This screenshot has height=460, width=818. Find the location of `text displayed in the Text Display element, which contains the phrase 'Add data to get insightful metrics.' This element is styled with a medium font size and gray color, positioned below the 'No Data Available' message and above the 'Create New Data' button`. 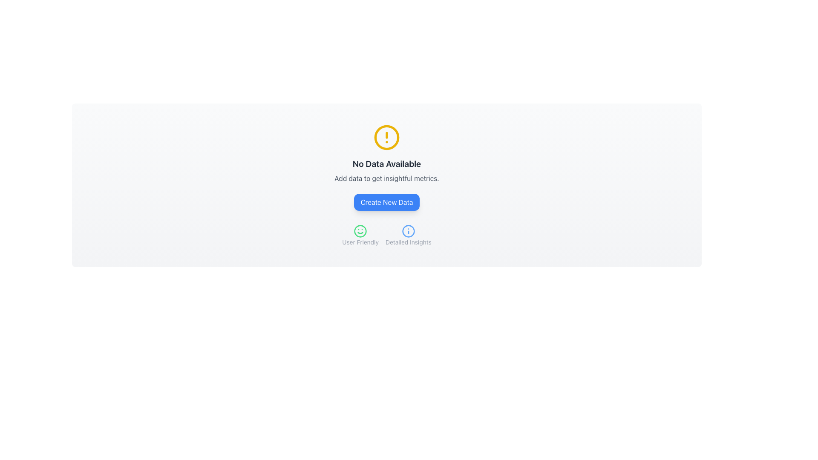

text displayed in the Text Display element, which contains the phrase 'Add data to get insightful metrics.' This element is styled with a medium font size and gray color, positioned below the 'No Data Available' message and above the 'Create New Data' button is located at coordinates (386, 178).